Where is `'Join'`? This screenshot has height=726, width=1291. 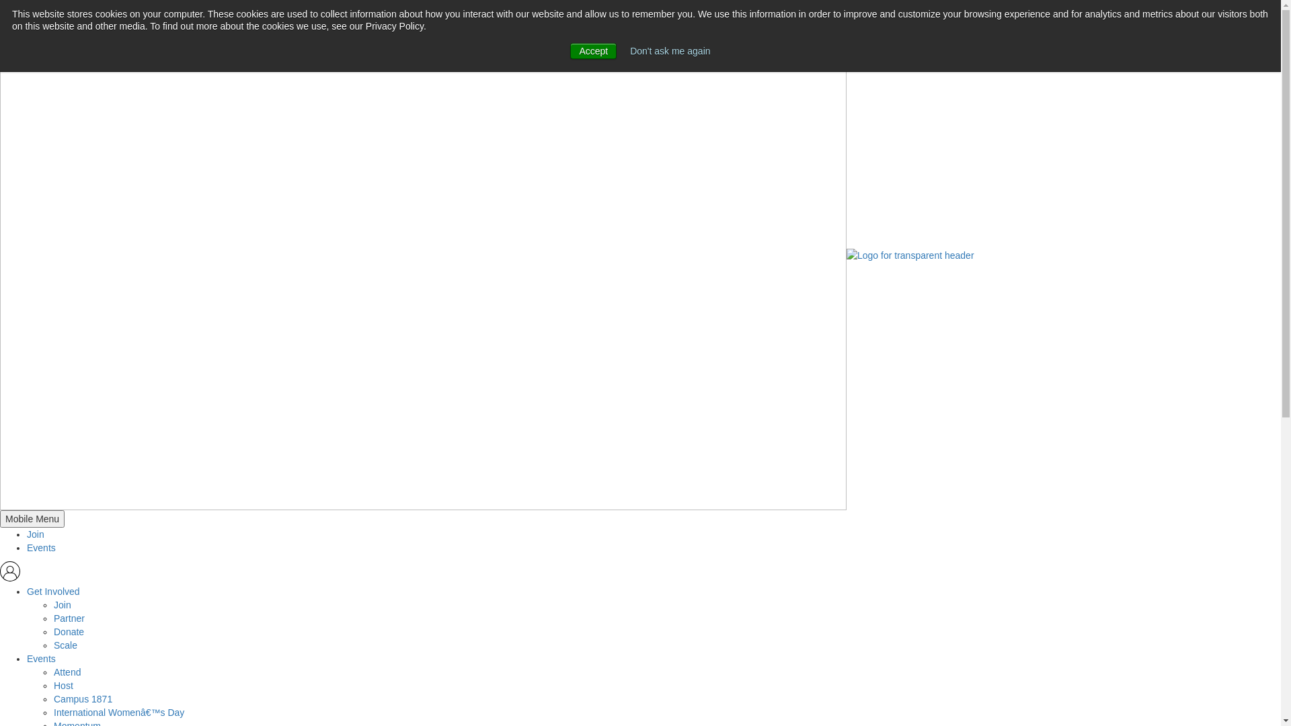
'Join' is located at coordinates (54, 604).